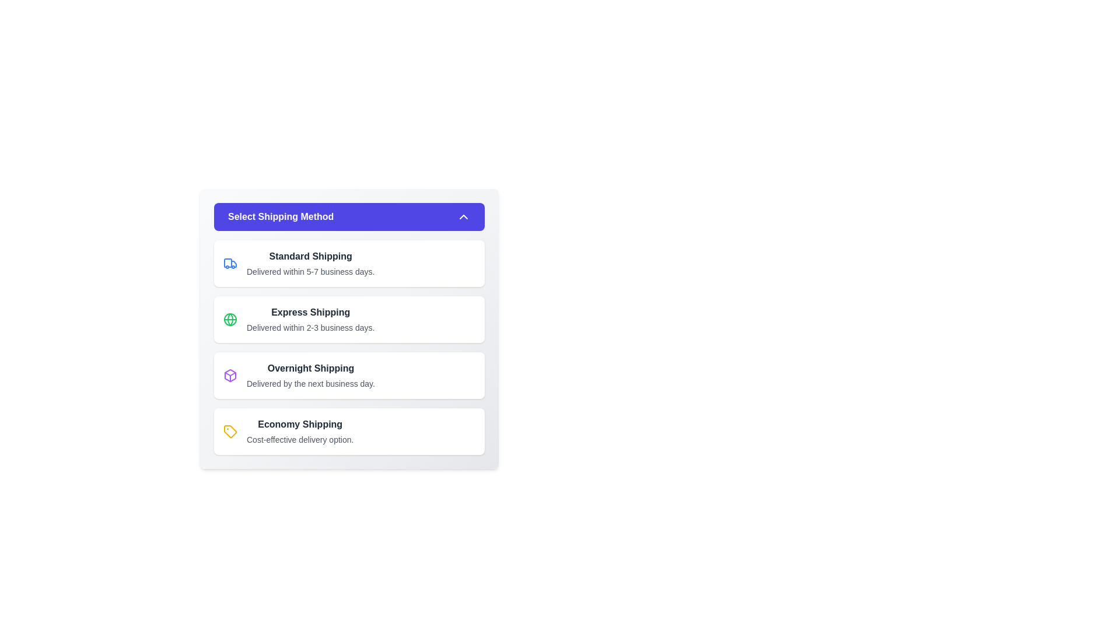 The image size is (1120, 630). What do you see at coordinates (230, 432) in the screenshot?
I see `the vibrant yellow rounded hexagonal icon located to the left of the 'Economy Shipping' text in the shipping methods list` at bounding box center [230, 432].